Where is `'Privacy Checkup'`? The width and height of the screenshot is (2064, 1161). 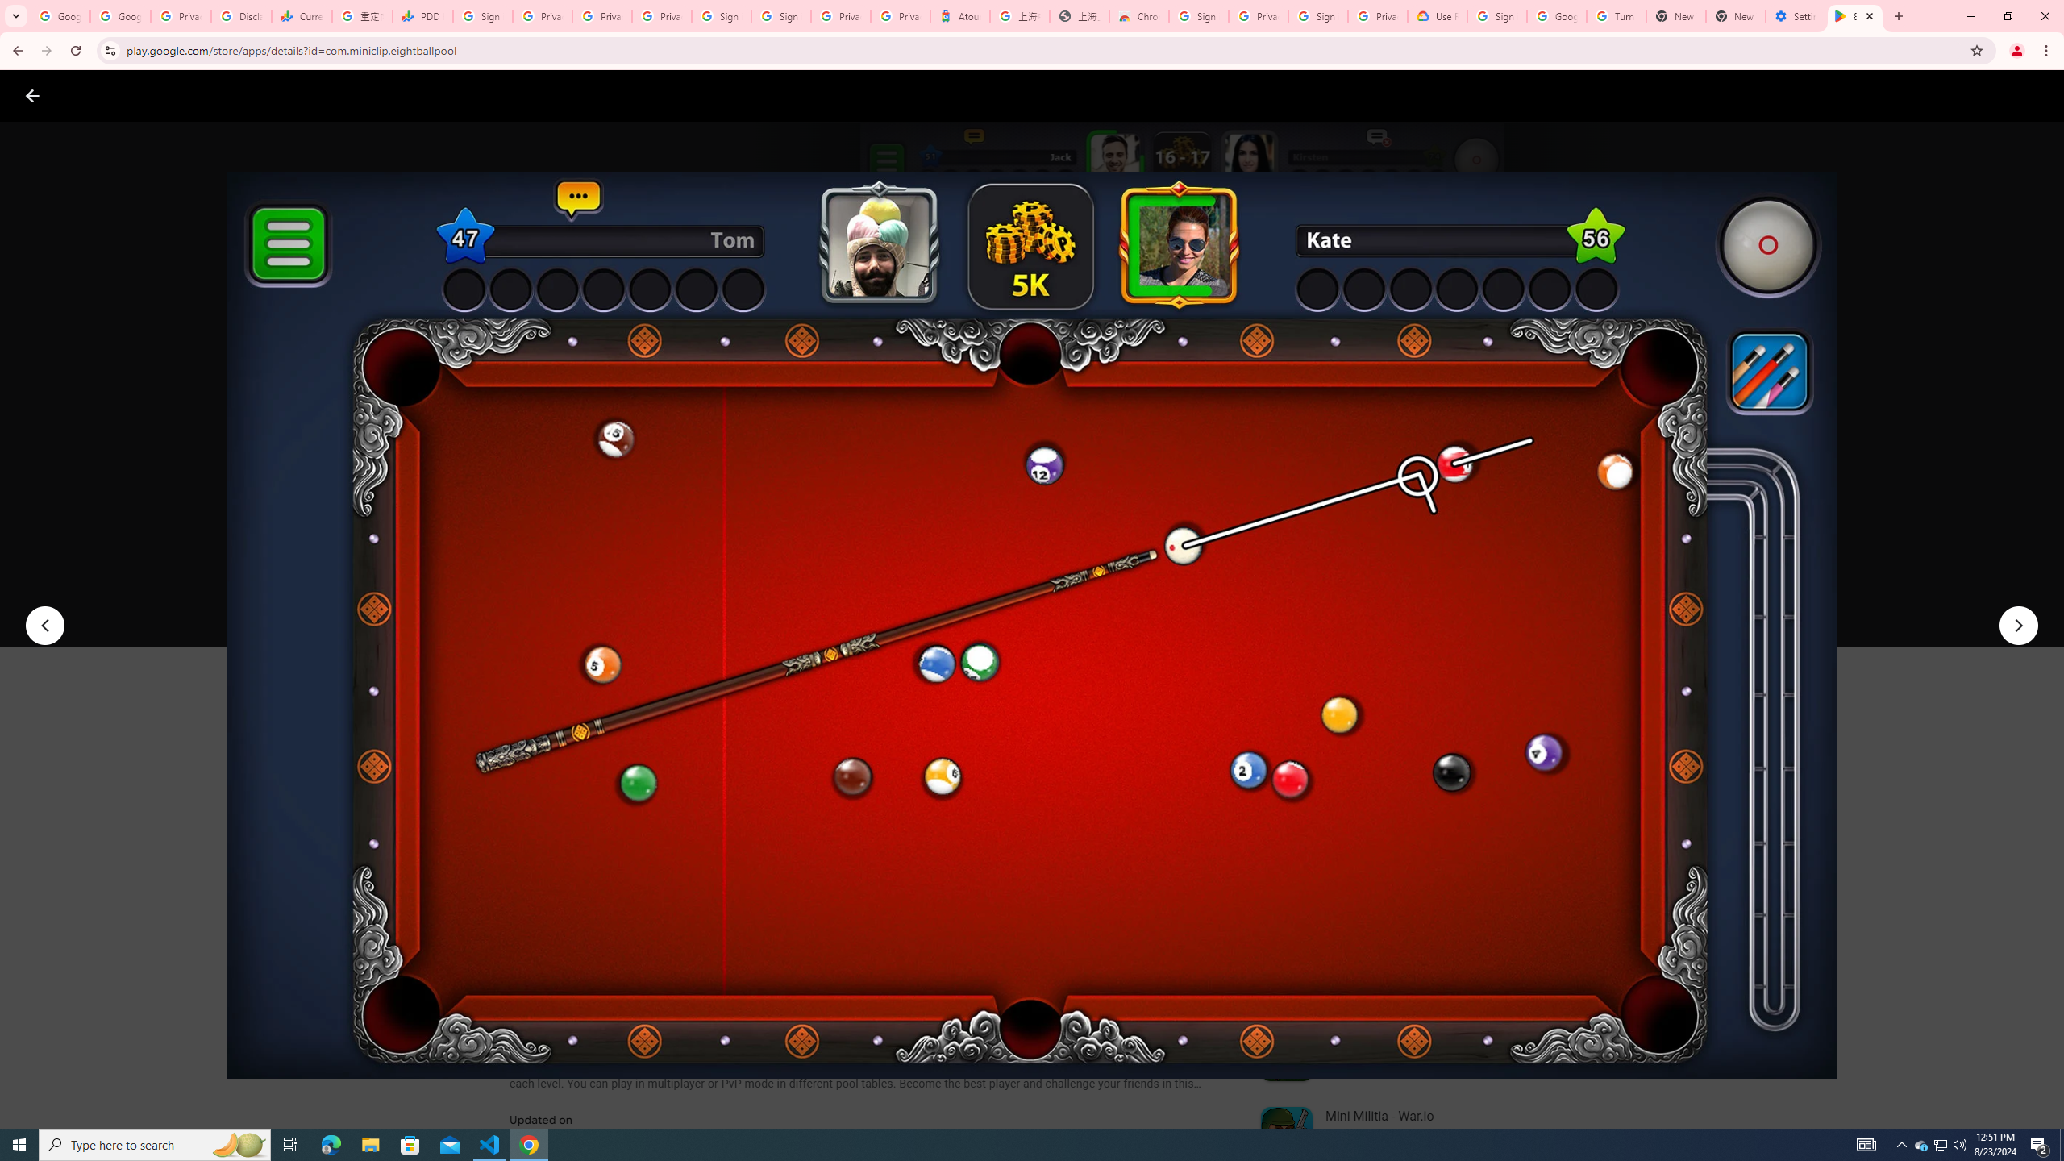 'Privacy Checkup' is located at coordinates (601, 15).